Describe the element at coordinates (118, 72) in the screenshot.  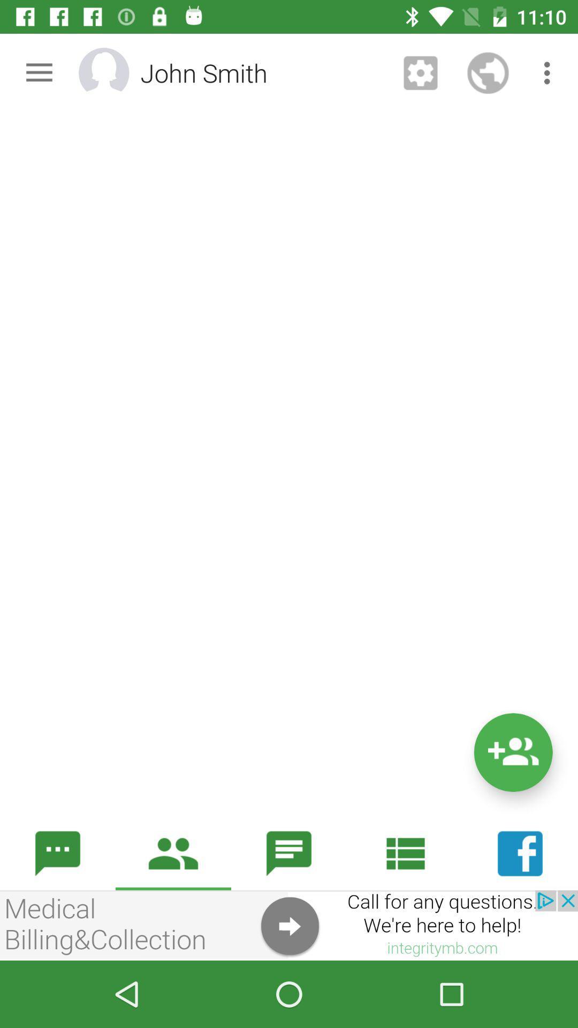
I see `if you click here it would open up john smith 's account` at that location.